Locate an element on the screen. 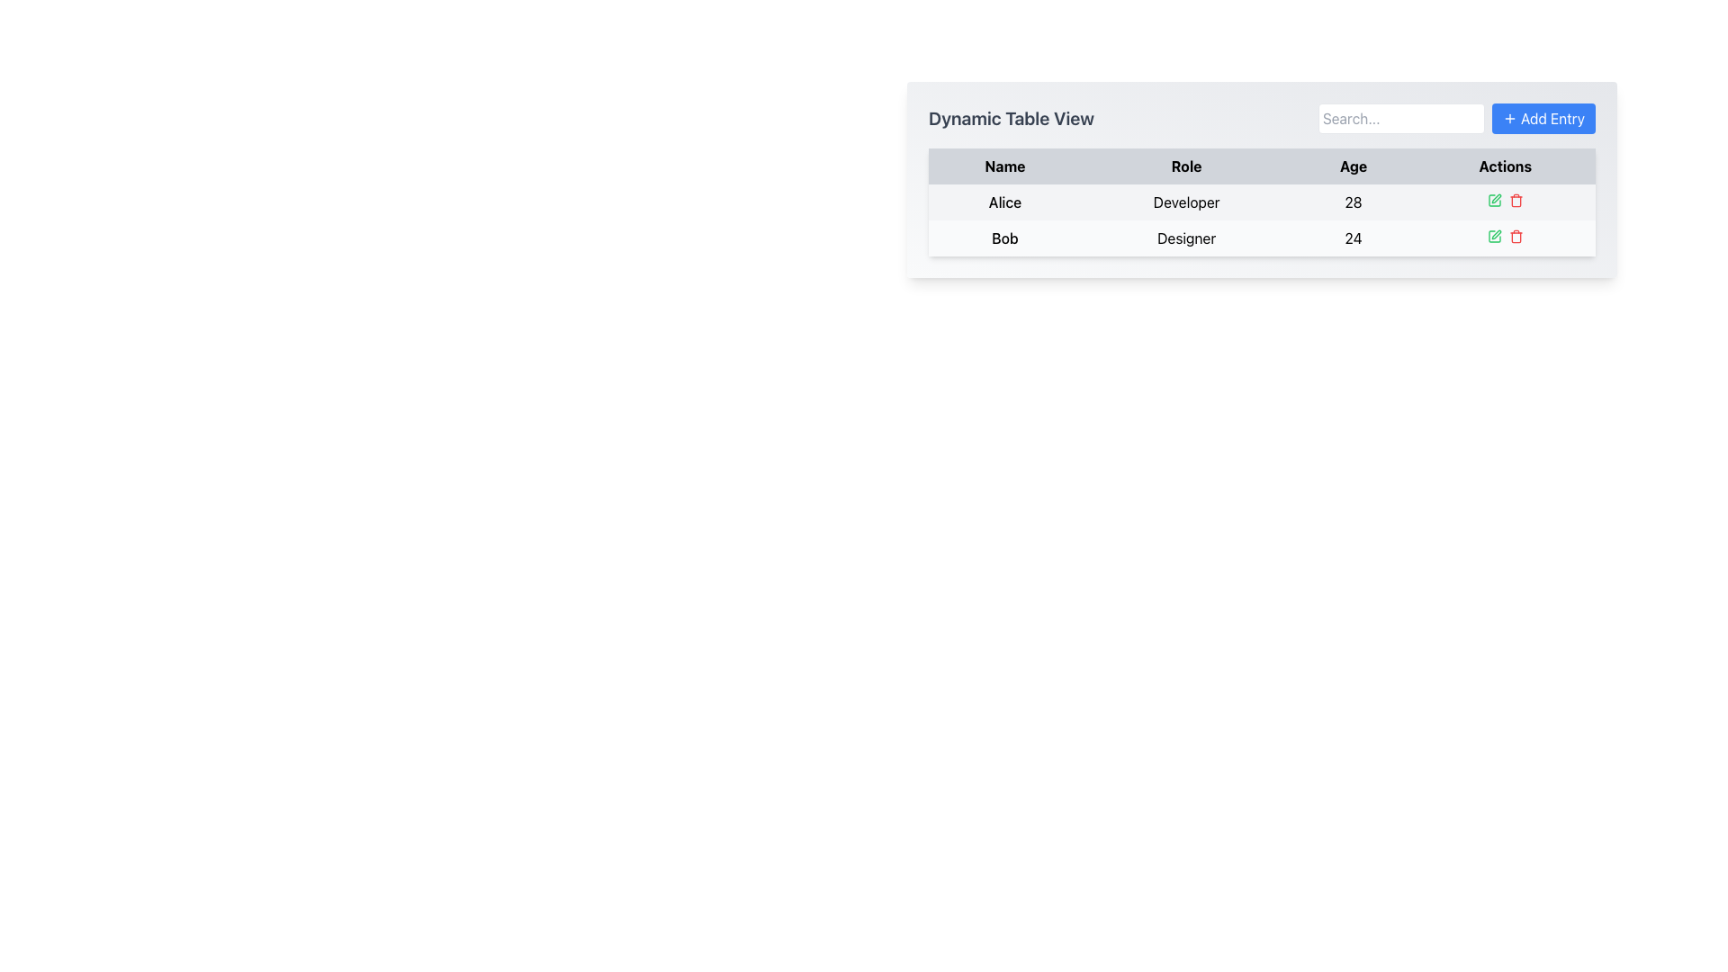  the second row of the table in the 'Dynamic Table View' that displays information for Alice as a Developer and Bob as a Designer is located at coordinates (1261, 220).